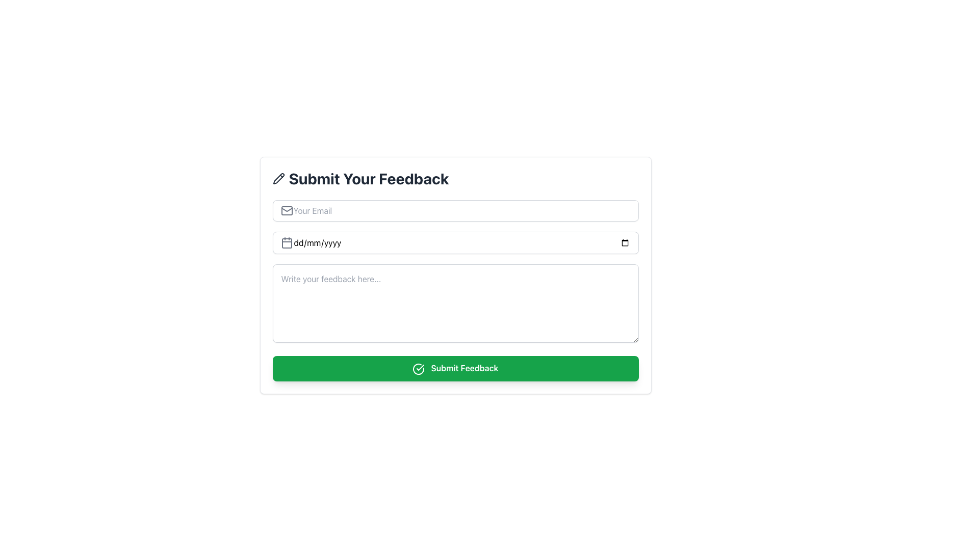 This screenshot has height=550, width=979. I want to click on the checkmark icon encased in a circular border located to the left of the 'Submit Feedback' button, which serves as a visual cue for action confirmation, so click(419, 369).